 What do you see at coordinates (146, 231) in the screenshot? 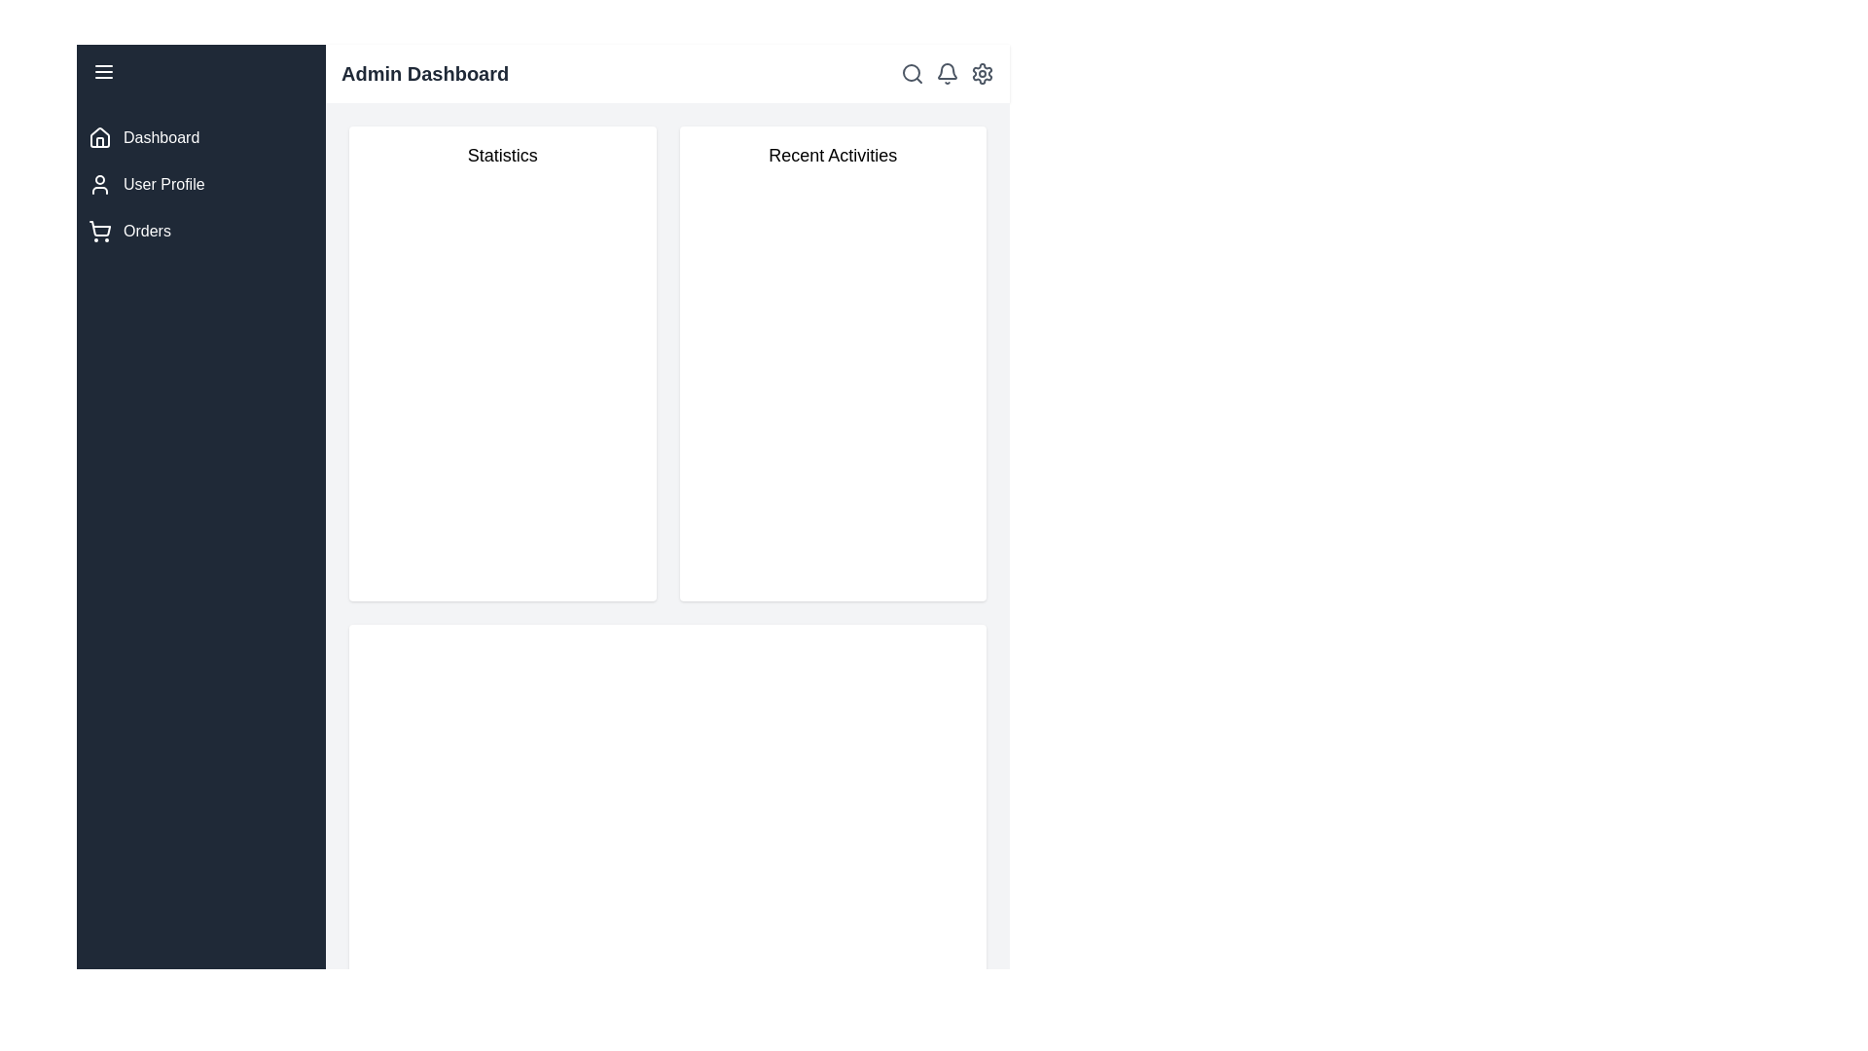
I see `the 'Orders' text label in the left-side navigation bar` at bounding box center [146, 231].